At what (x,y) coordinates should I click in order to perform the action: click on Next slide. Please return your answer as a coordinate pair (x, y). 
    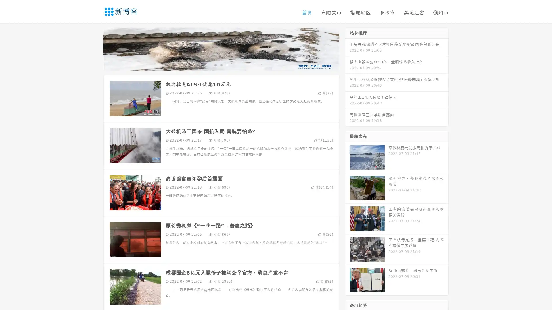
    Looking at the image, I should click on (347, 48).